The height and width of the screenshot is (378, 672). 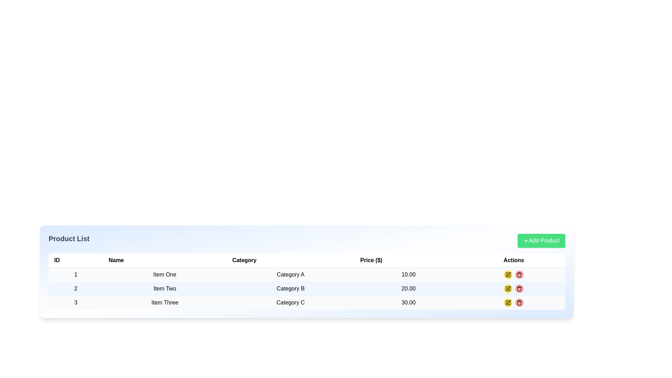 What do you see at coordinates (290, 274) in the screenshot?
I see `the text label in the third column of the first row that displays 'Category A' in the table` at bounding box center [290, 274].